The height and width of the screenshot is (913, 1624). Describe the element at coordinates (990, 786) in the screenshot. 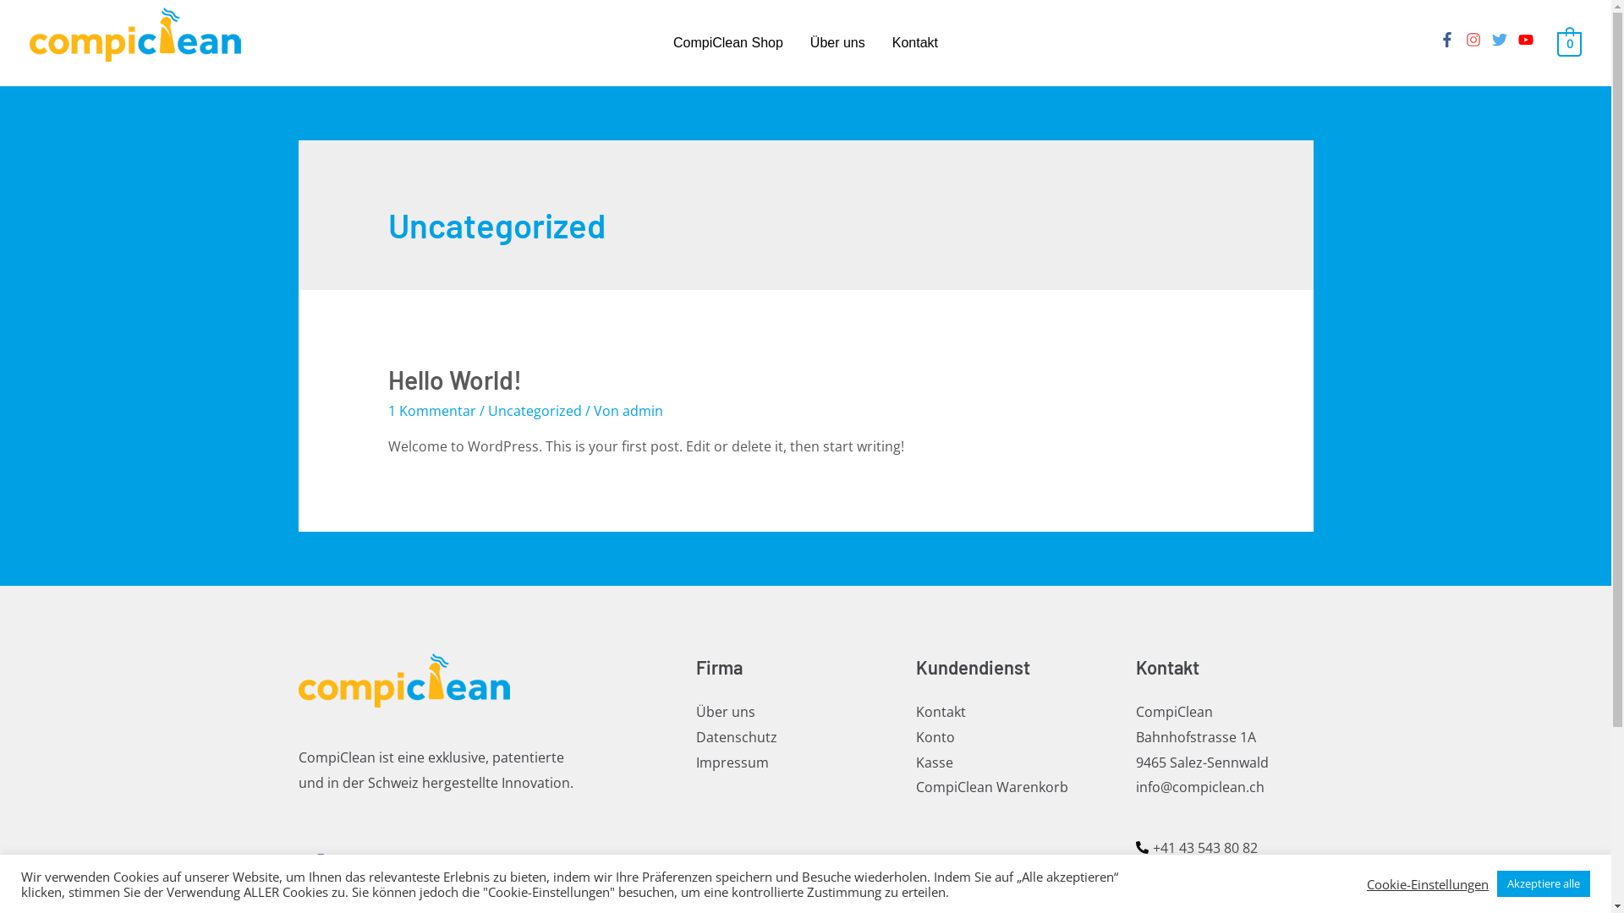

I see `'CompiClean Warenkorb'` at that location.